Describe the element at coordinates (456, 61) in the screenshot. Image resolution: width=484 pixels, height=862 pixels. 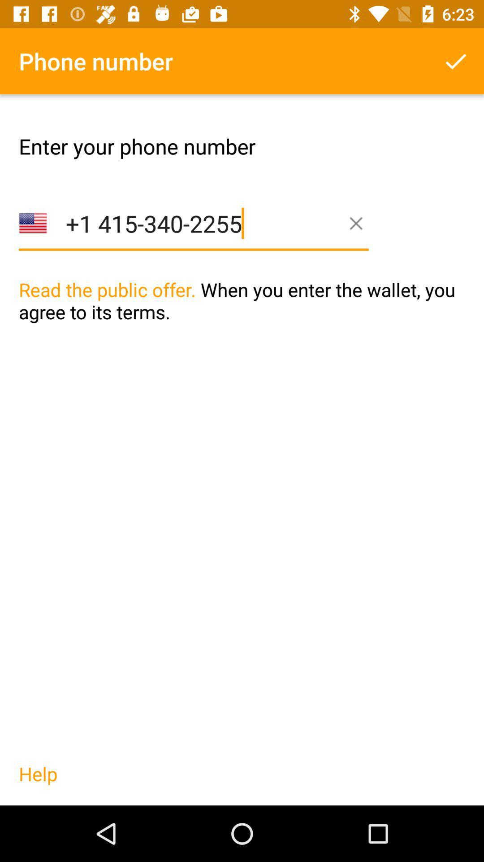
I see `finish` at that location.